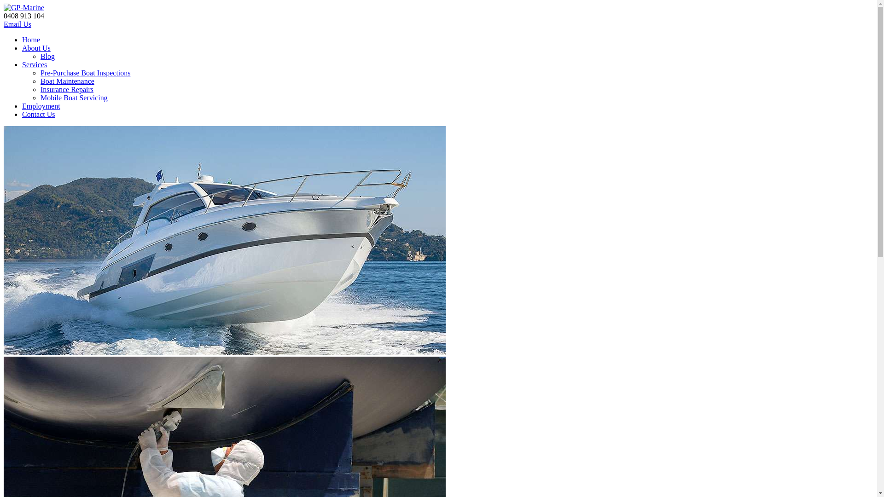 The image size is (884, 497). What do you see at coordinates (17, 23) in the screenshot?
I see `'Email Us'` at bounding box center [17, 23].